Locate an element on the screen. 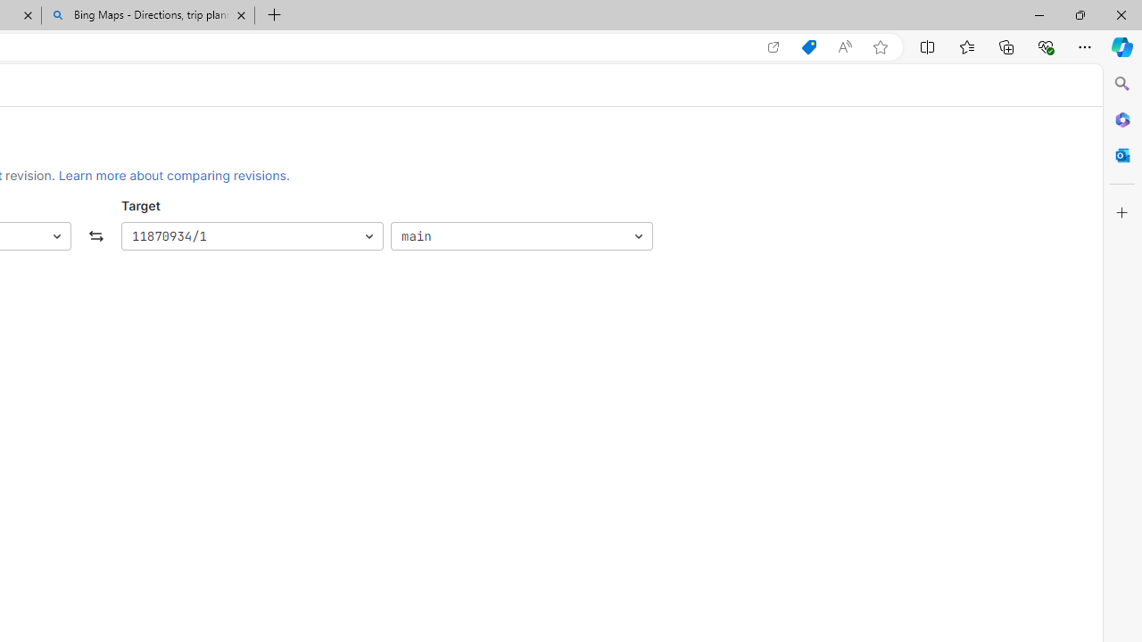 The height and width of the screenshot is (642, 1142). 'Outlook' is located at coordinates (1121, 154).